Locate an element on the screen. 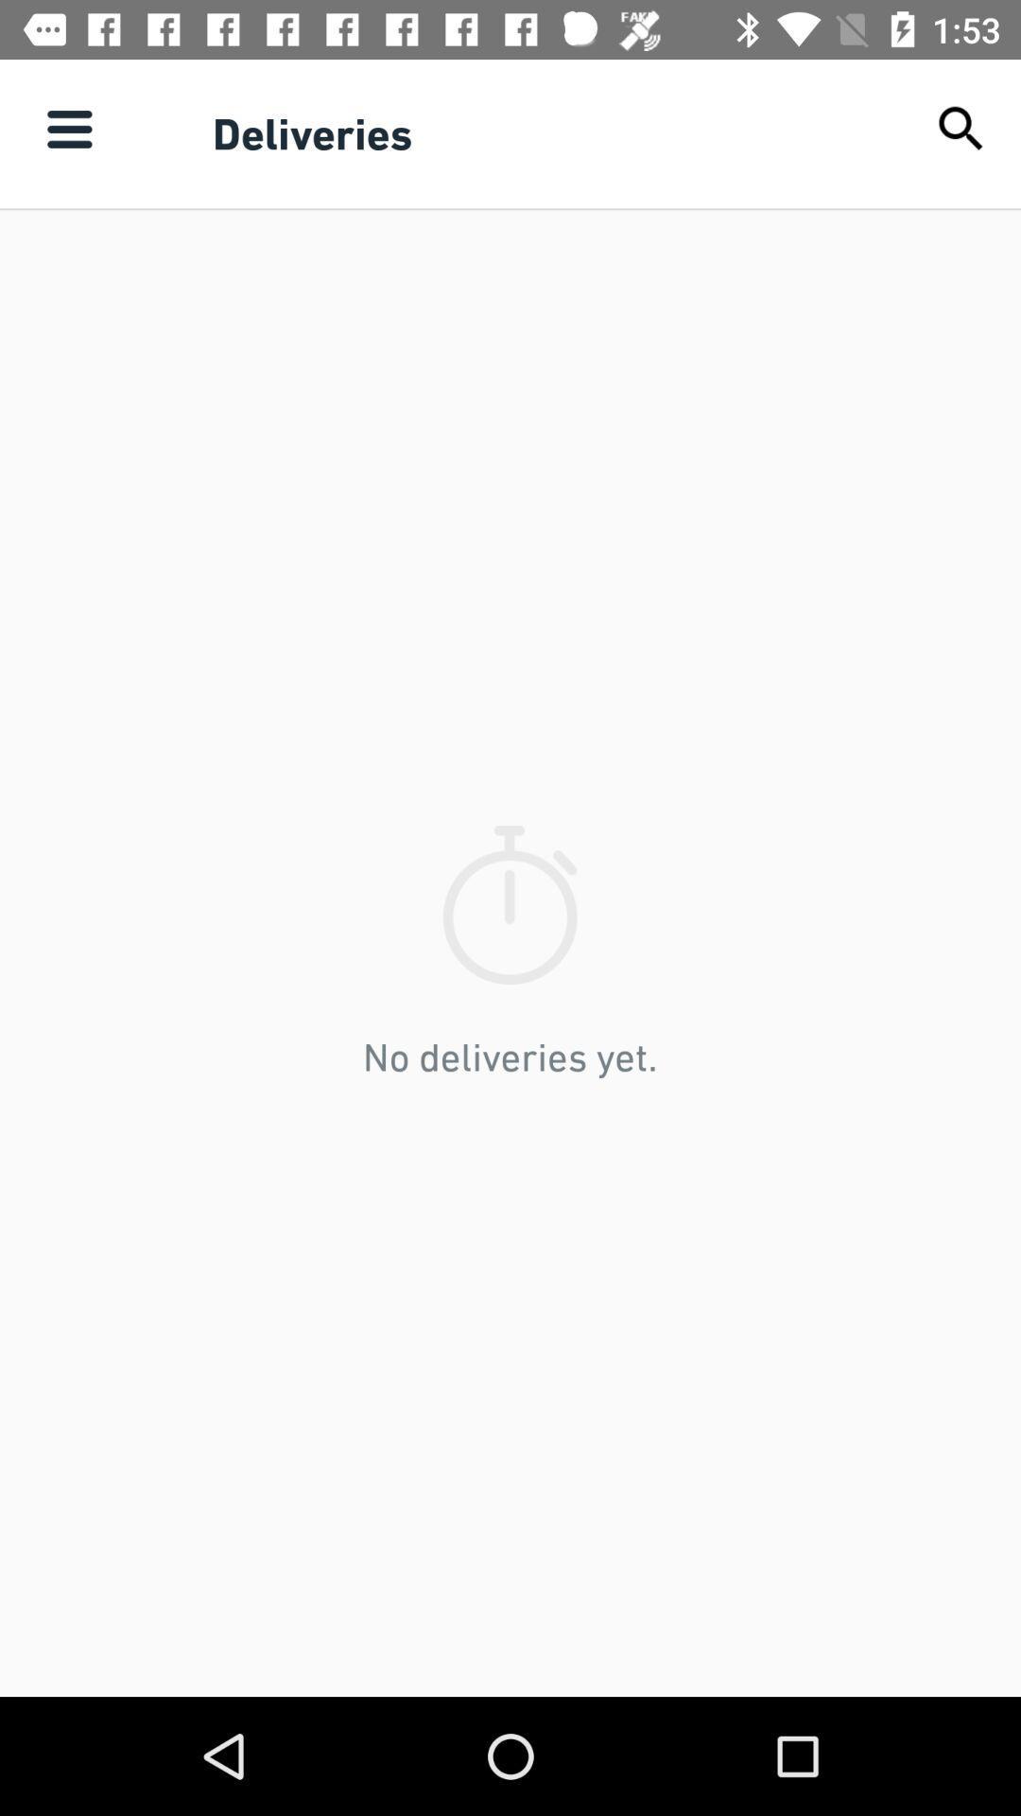  the icon next to deliveries is located at coordinates (68, 128).